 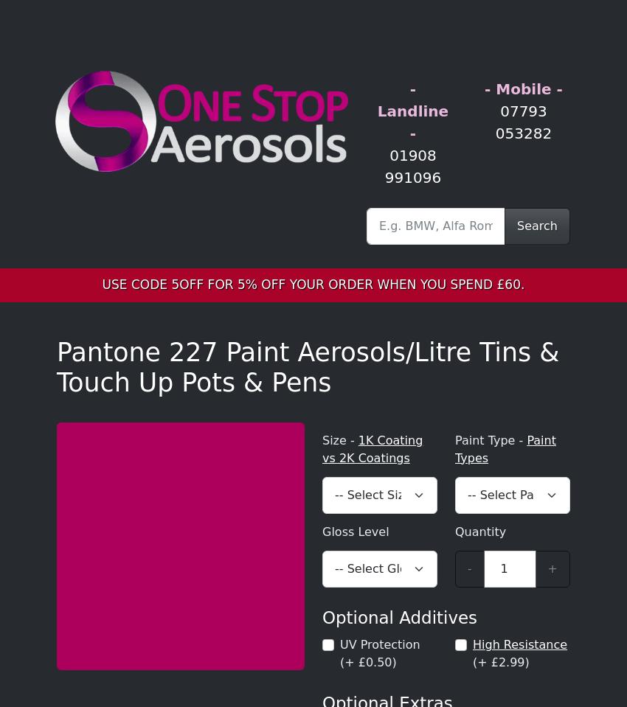 What do you see at coordinates (228, 573) in the screenshot?
I see `'Do I have to use a primer before applying a topcoat?'` at bounding box center [228, 573].